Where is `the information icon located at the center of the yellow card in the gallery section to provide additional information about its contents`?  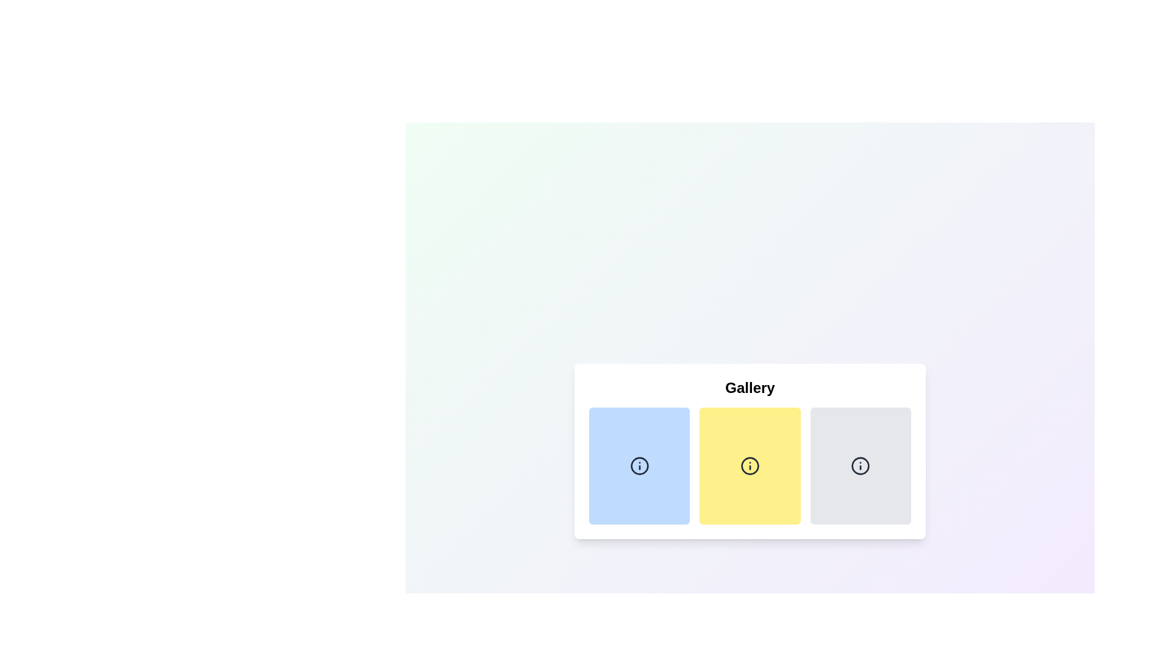
the information icon located at the center of the yellow card in the gallery section to provide additional information about its contents is located at coordinates (749, 465).